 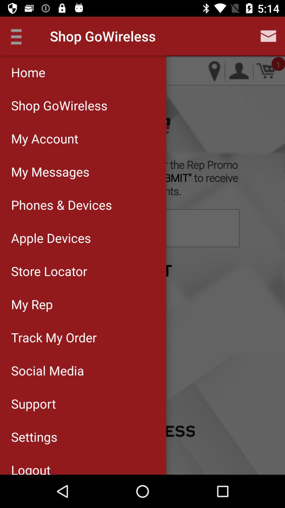 I want to click on the store locator item, so click(x=83, y=271).